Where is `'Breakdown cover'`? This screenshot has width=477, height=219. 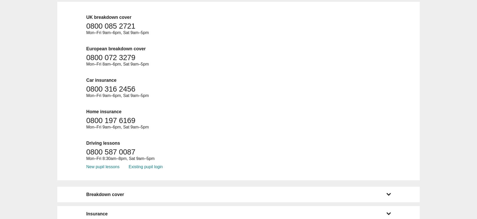 'Breakdown cover' is located at coordinates (105, 194).